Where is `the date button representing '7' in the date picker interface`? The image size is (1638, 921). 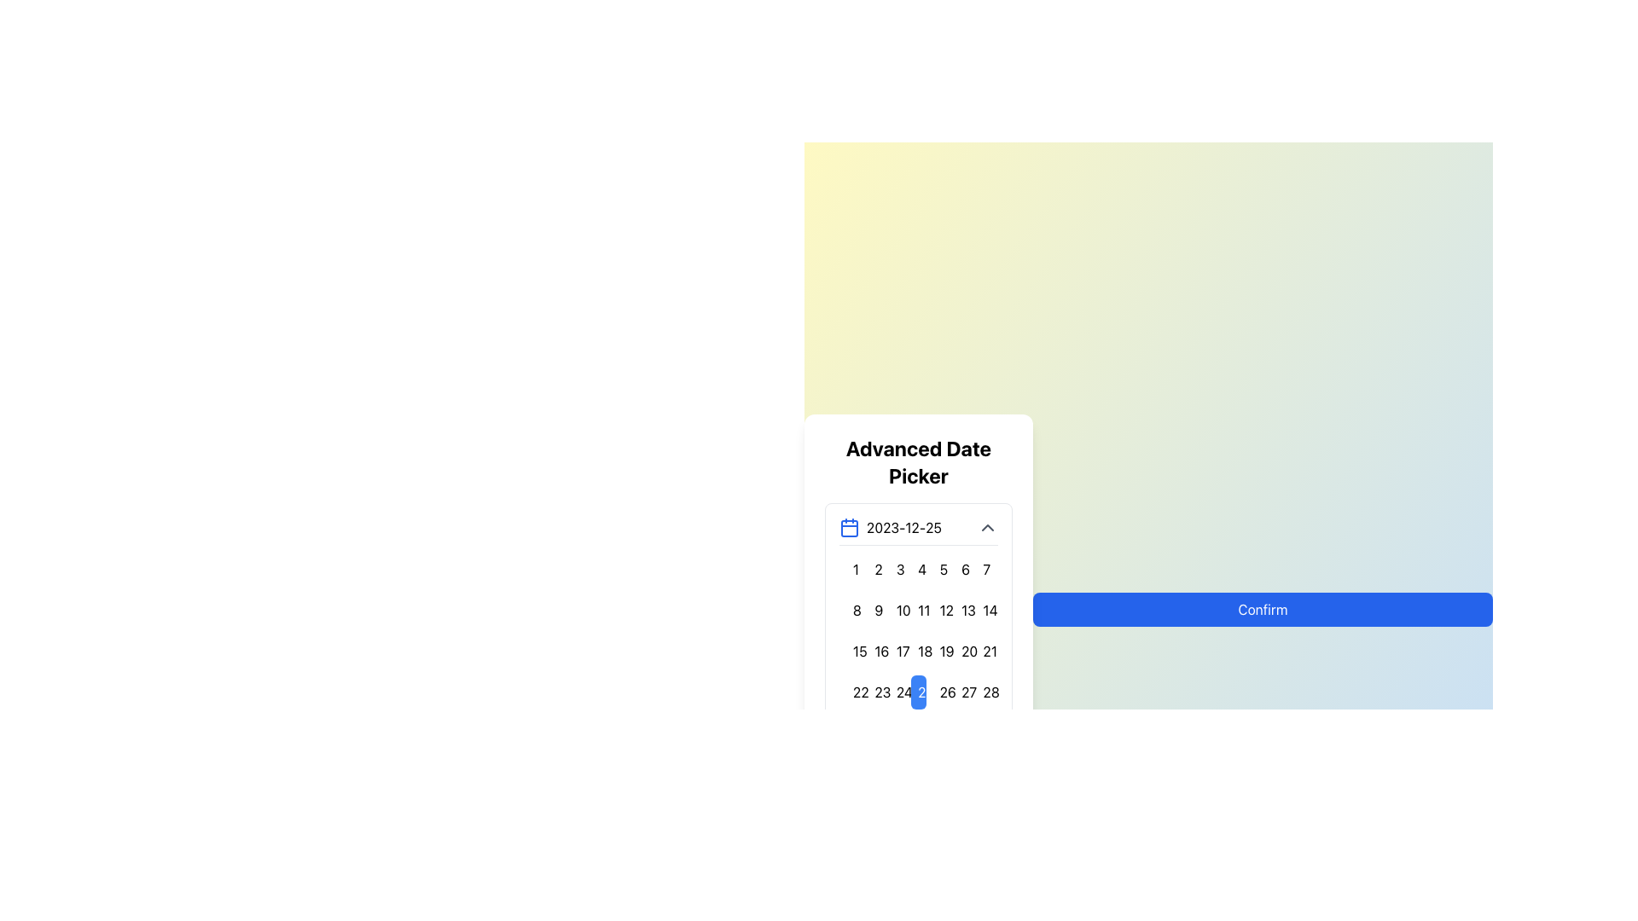
the date button representing '7' in the date picker interface is located at coordinates (984, 569).